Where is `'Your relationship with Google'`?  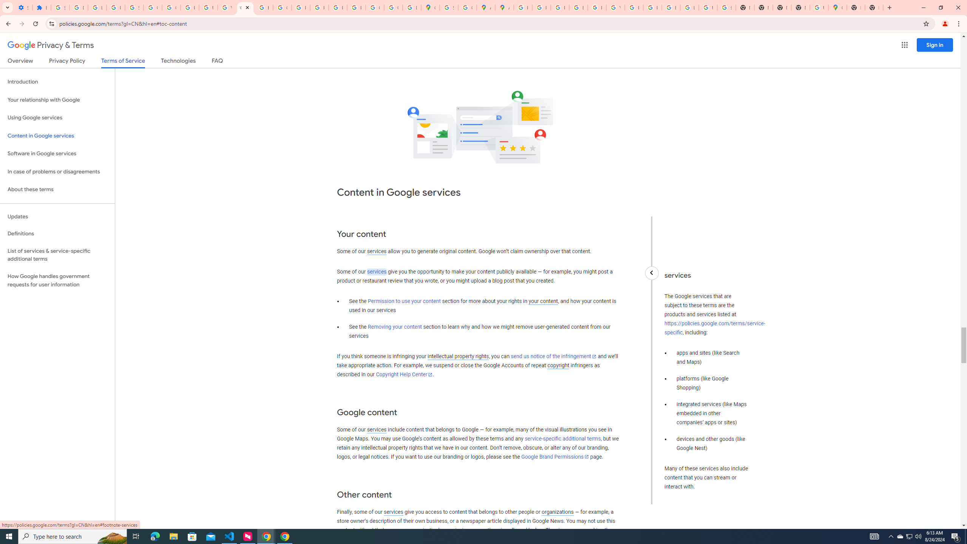 'Your relationship with Google' is located at coordinates (57, 100).